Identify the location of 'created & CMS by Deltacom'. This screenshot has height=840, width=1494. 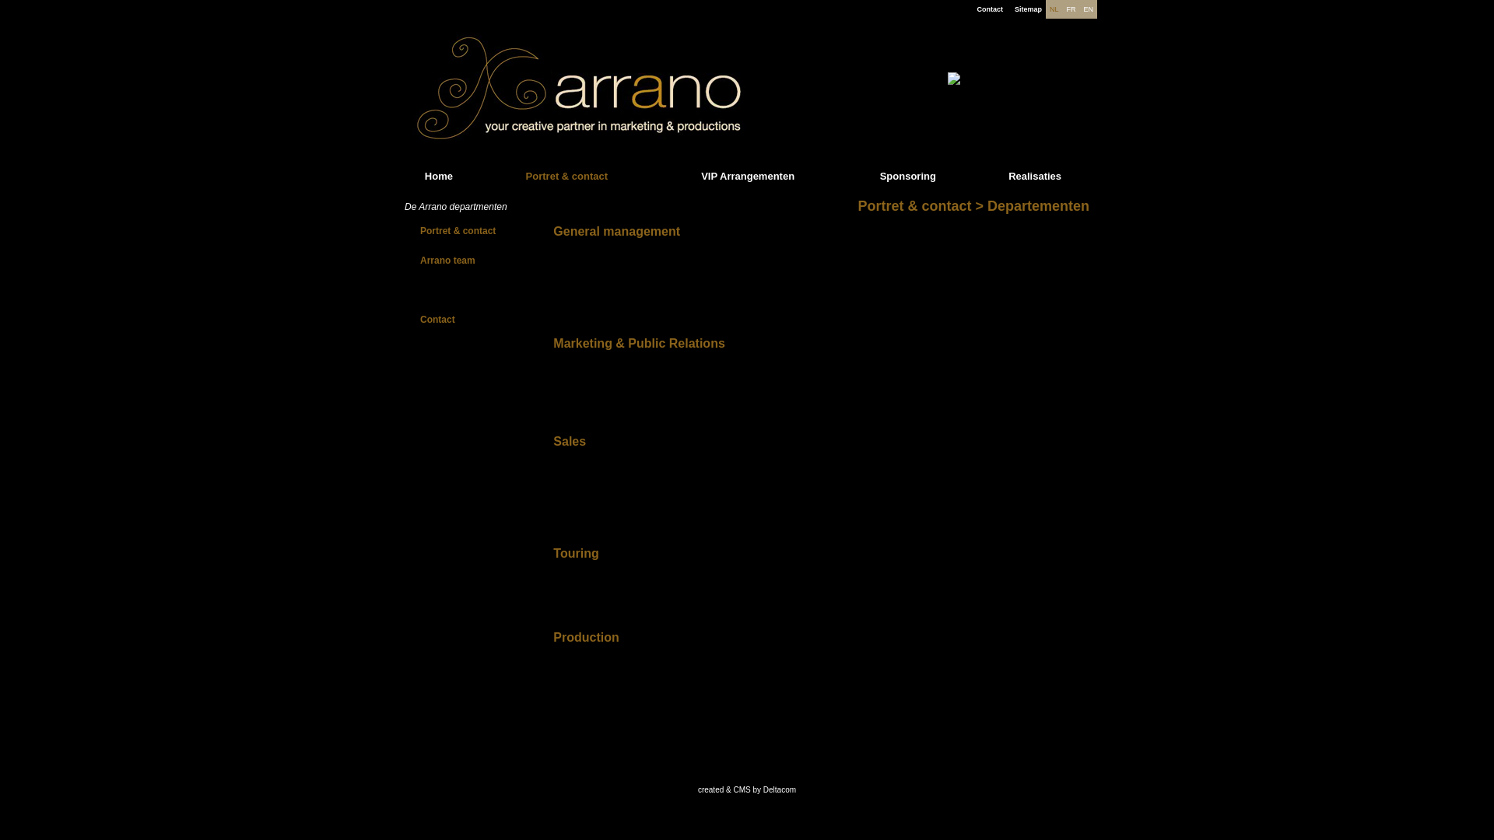
(747, 789).